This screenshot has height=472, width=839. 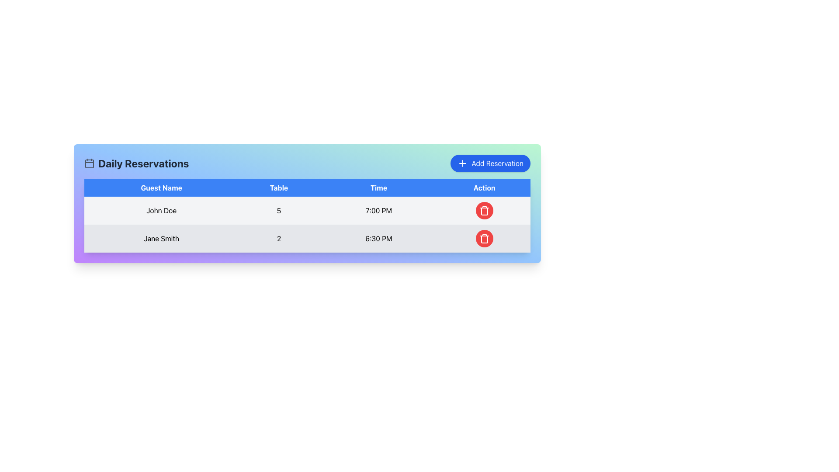 What do you see at coordinates (278, 239) in the screenshot?
I see `the bold numeral '2' displayed in black text within the 'Table' column of Jane Smith's row` at bounding box center [278, 239].